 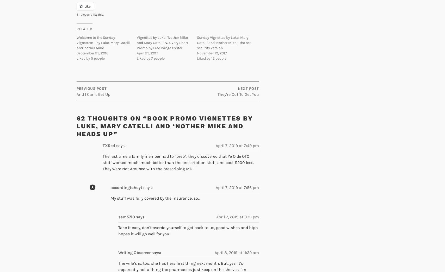 I want to click on 'accordingtohoyt', so click(x=126, y=187).